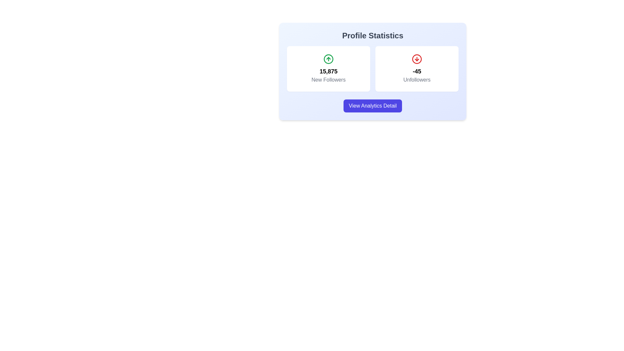  Describe the element at coordinates (417, 59) in the screenshot. I see `the 'Unfollowers' icon located in the right column of the 'Profile Statistics' section, which visually represents the decrease in followers` at that location.